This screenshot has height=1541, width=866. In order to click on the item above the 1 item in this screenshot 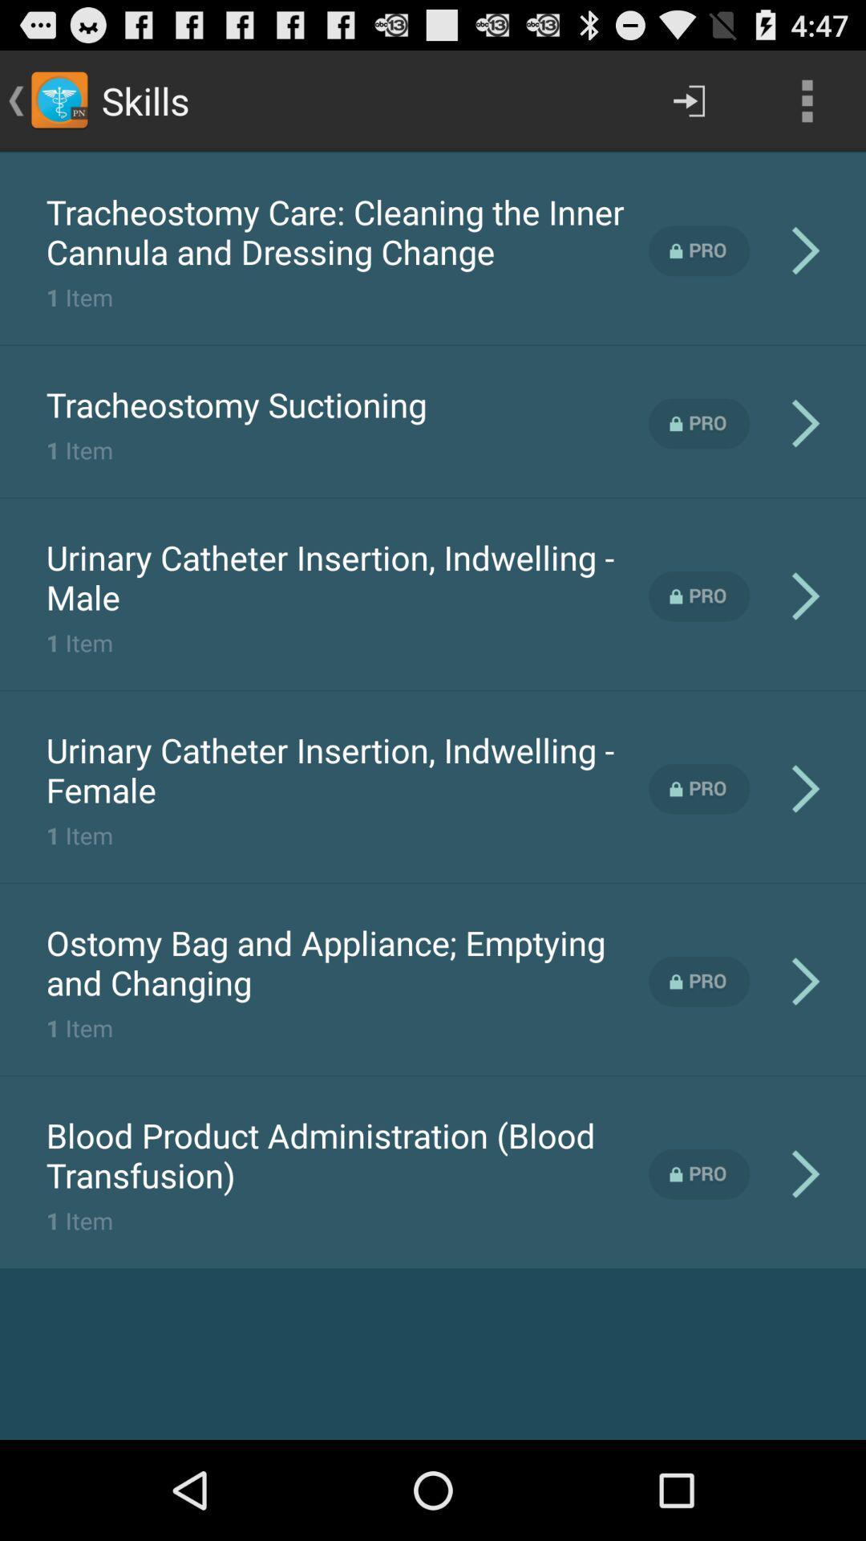, I will do `click(346, 230)`.